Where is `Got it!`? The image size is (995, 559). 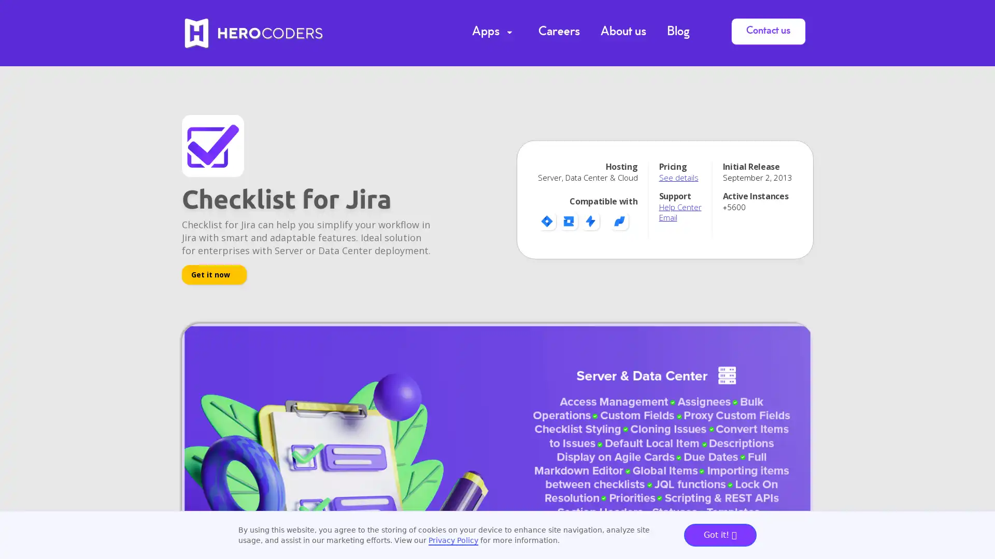 Got it! is located at coordinates (720, 535).